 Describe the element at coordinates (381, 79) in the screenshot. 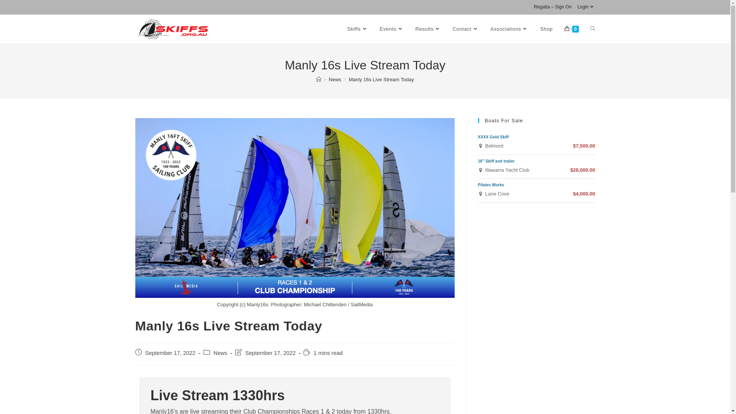

I see `'Manly 16s Live Stream Today'` at that location.